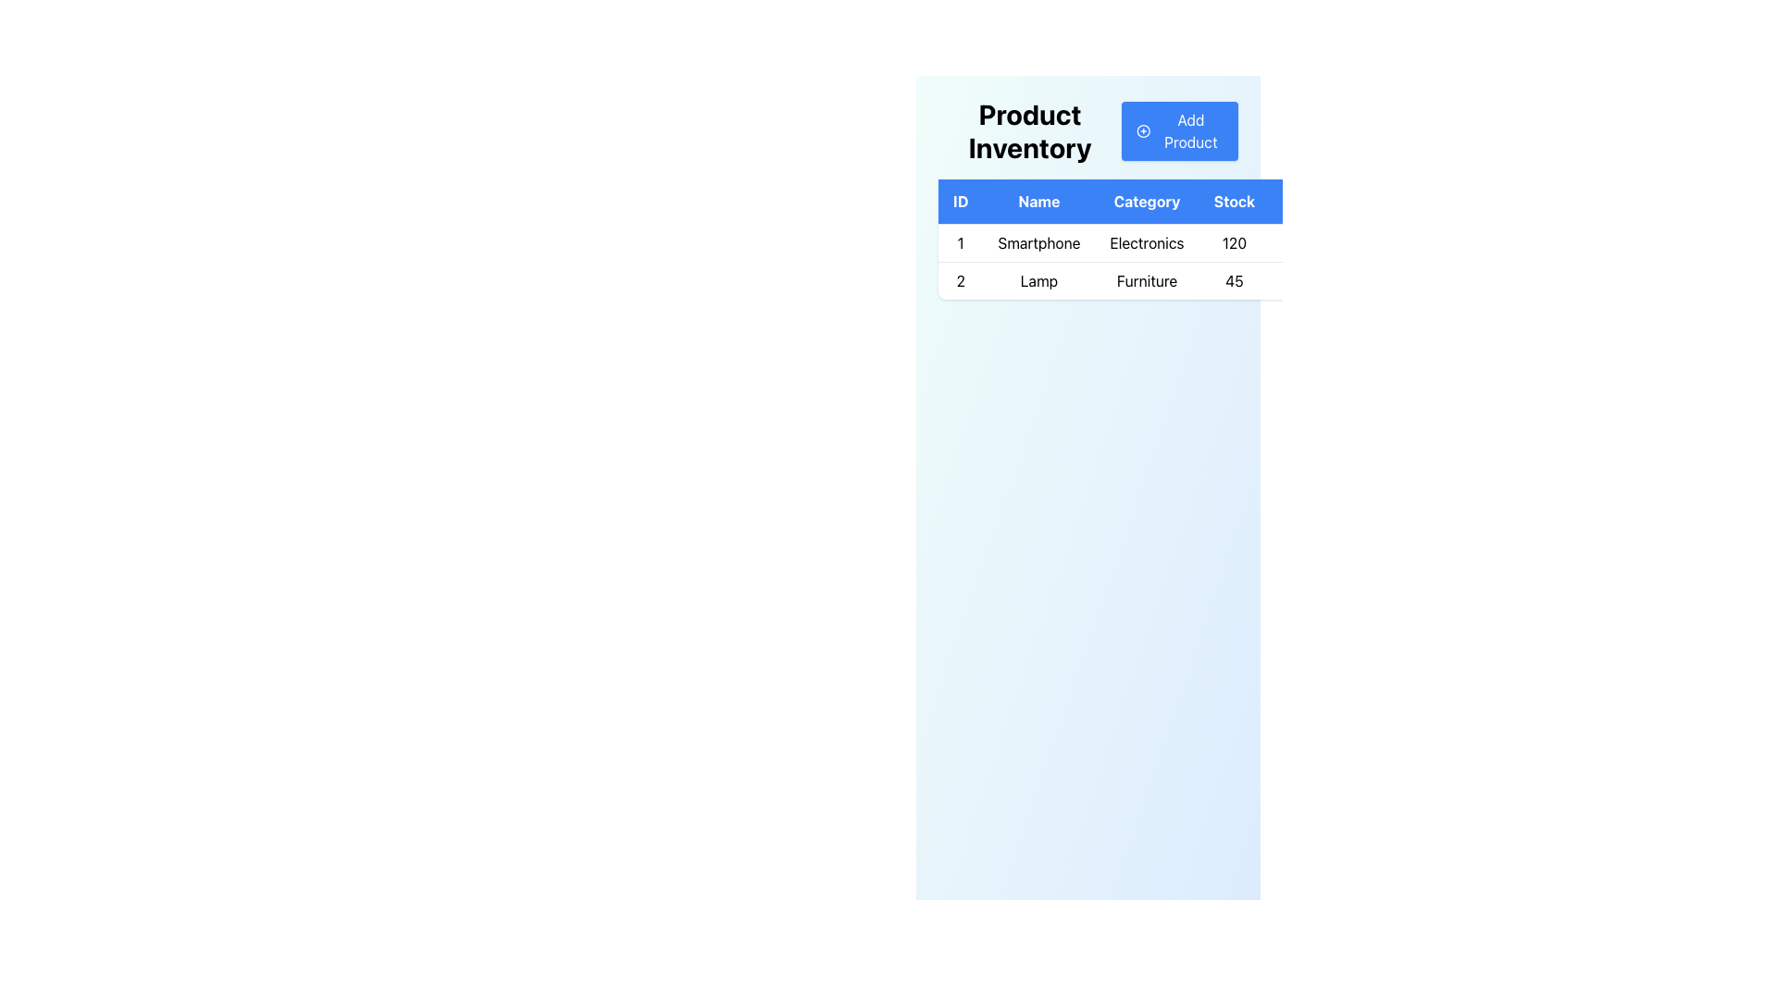  I want to click on the non-interactive table cell displaying the category information 'Electronics' for the 'Smartphone' product in the first row of the table, so click(1146, 241).